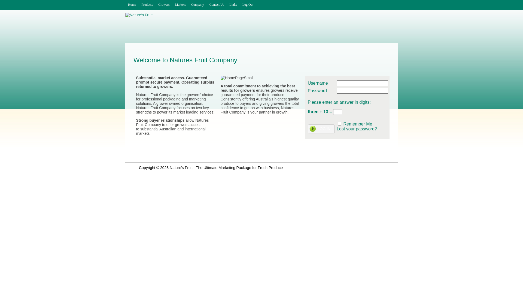 The image size is (523, 294). What do you see at coordinates (147, 5) in the screenshot?
I see `'Products'` at bounding box center [147, 5].